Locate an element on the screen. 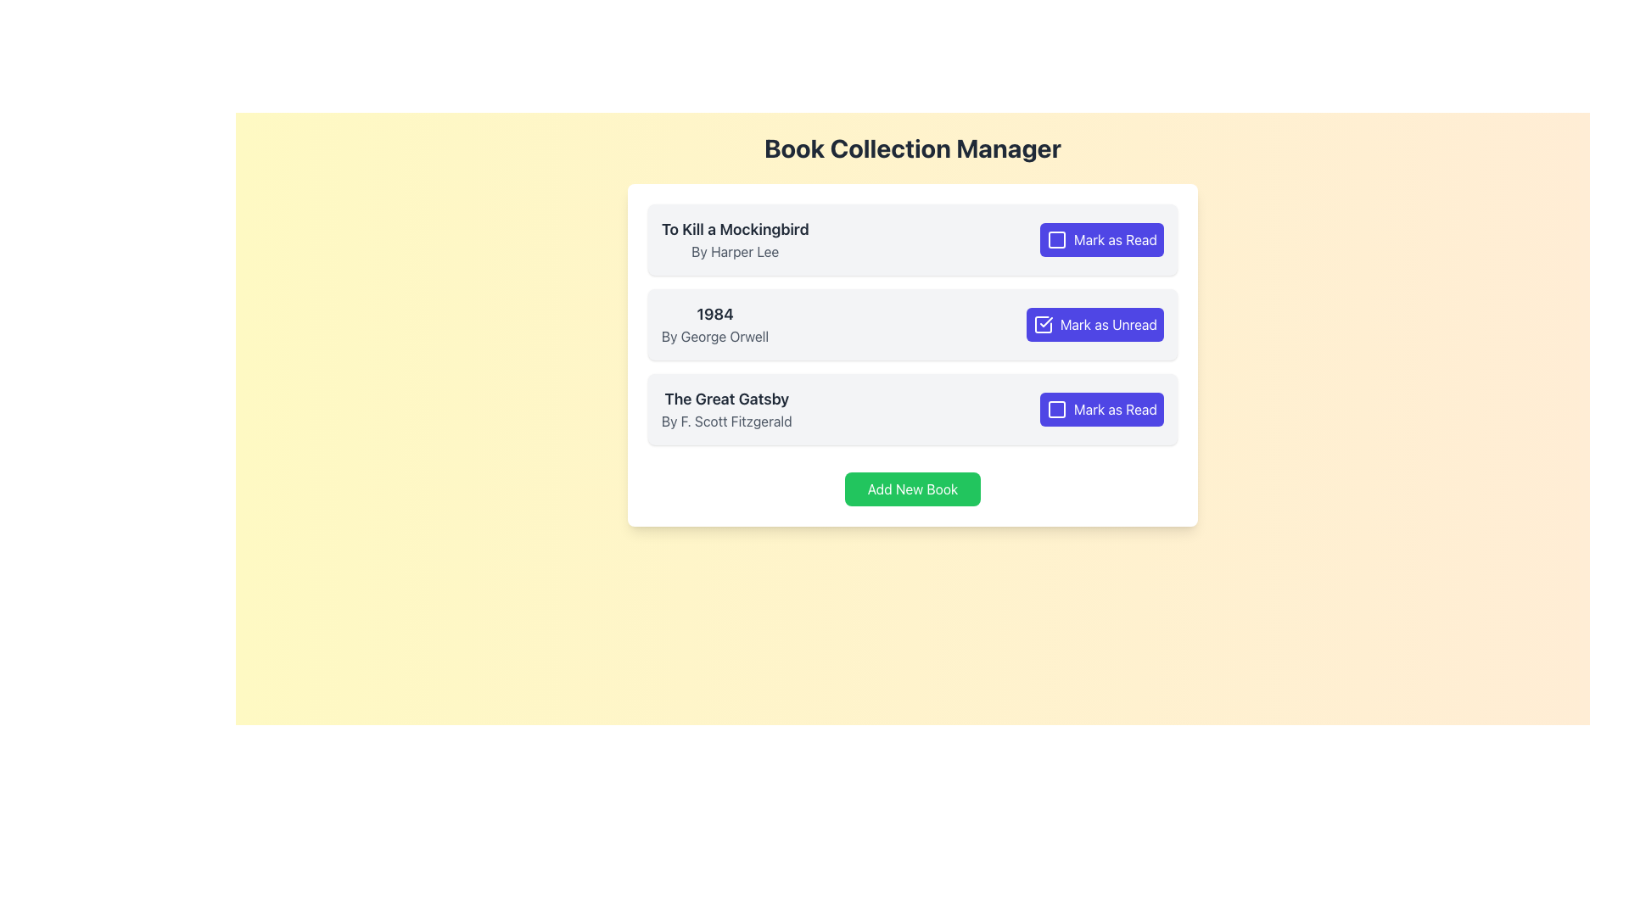  the 'Mark as Read' icon associated with the first book entry titled 'To Kill a Mockingbird' on the right side of the entry is located at coordinates (1055, 239).